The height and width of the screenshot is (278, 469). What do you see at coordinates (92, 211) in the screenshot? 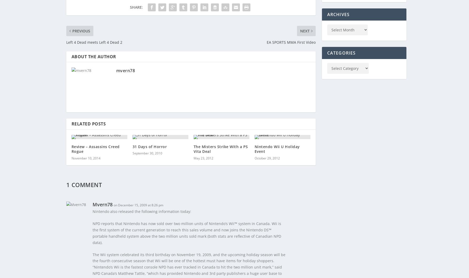
I see `'Nintendo also released the following information today:'` at bounding box center [92, 211].